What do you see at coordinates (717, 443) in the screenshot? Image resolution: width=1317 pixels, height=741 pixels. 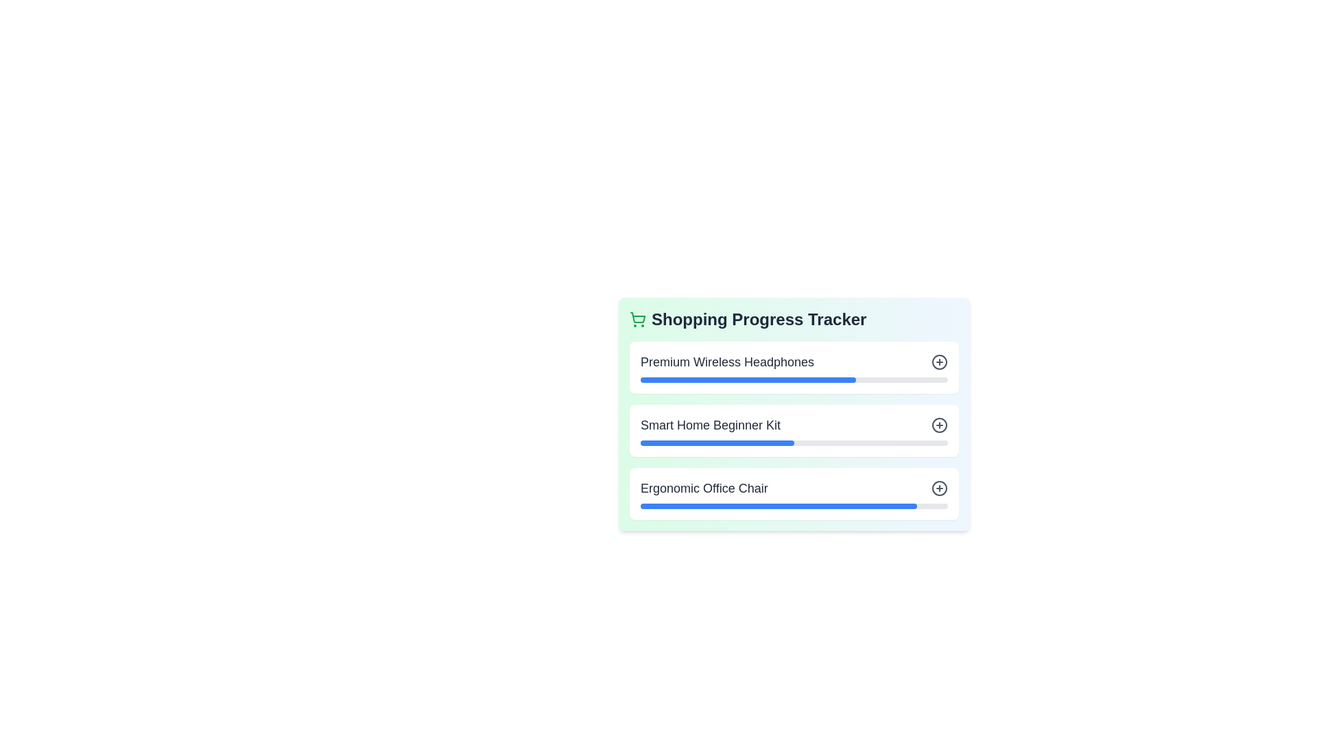 I see `the blue progress bar segment within the second progress bar of the 'Shopping Progress Tracker' card, representing the progress of the 'Smart Home Beginner Kit'` at bounding box center [717, 443].